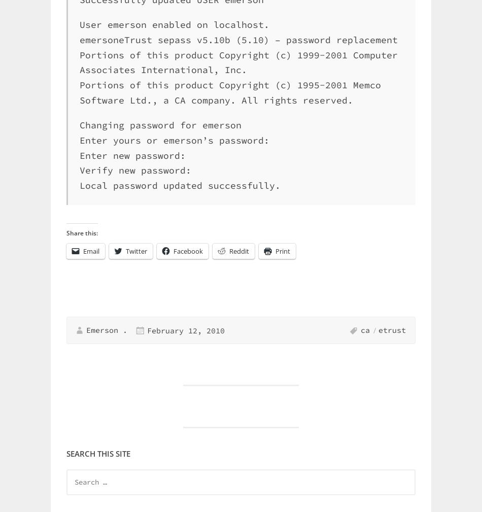 This screenshot has width=482, height=512. I want to click on 'Twitter', so click(125, 251).